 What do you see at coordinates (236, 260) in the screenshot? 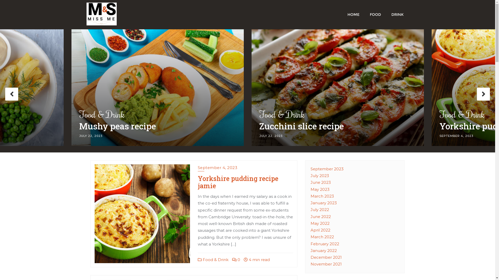
I see `'0'` at bounding box center [236, 260].